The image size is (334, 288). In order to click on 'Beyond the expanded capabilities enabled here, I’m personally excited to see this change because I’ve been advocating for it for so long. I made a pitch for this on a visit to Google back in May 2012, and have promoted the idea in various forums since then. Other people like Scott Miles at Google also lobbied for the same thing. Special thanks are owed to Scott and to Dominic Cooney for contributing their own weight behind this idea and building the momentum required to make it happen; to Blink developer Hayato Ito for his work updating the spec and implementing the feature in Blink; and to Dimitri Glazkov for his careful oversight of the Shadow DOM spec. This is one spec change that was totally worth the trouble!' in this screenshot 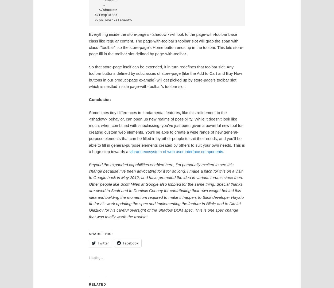, I will do `click(88, 190)`.